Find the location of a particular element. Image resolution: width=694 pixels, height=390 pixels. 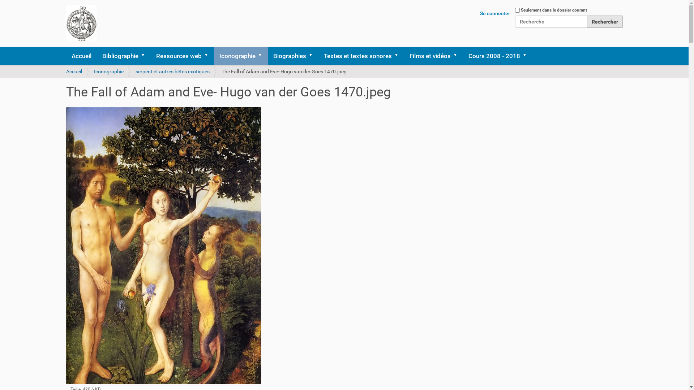

'Accueil' is located at coordinates (81, 55).